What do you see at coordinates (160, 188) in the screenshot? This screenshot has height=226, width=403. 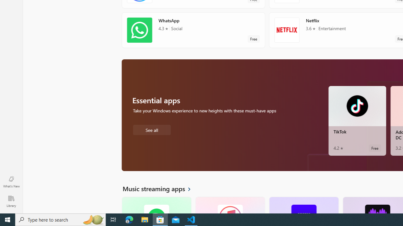 I see `'See all  Music streaming apps'` at bounding box center [160, 188].